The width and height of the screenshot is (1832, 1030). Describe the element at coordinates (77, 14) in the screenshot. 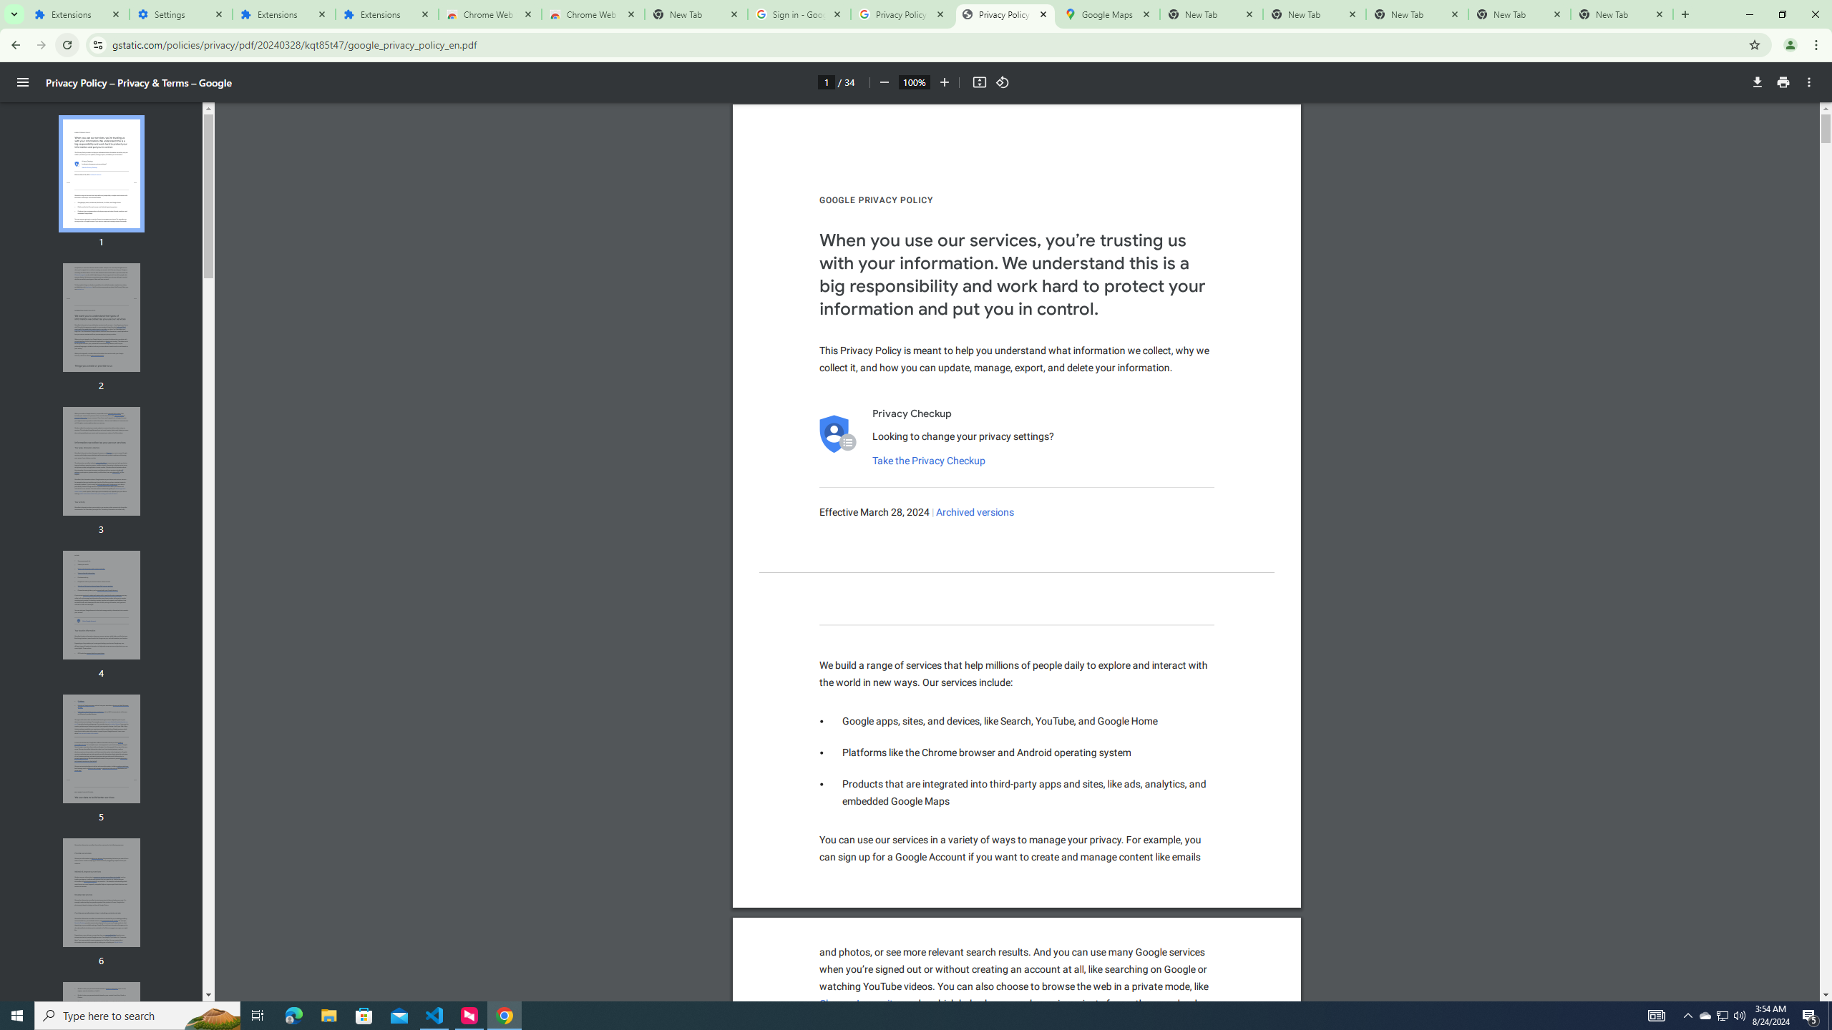

I see `'Extensions'` at that location.